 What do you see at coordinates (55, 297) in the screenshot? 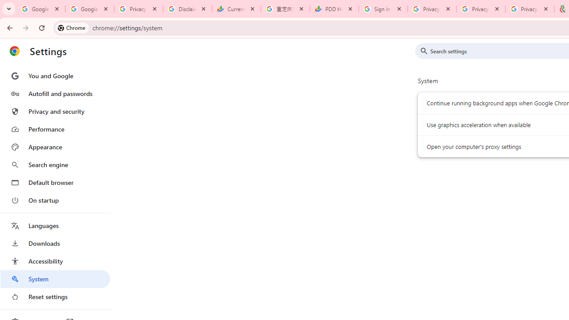
I see `'Reset settings'` at bounding box center [55, 297].